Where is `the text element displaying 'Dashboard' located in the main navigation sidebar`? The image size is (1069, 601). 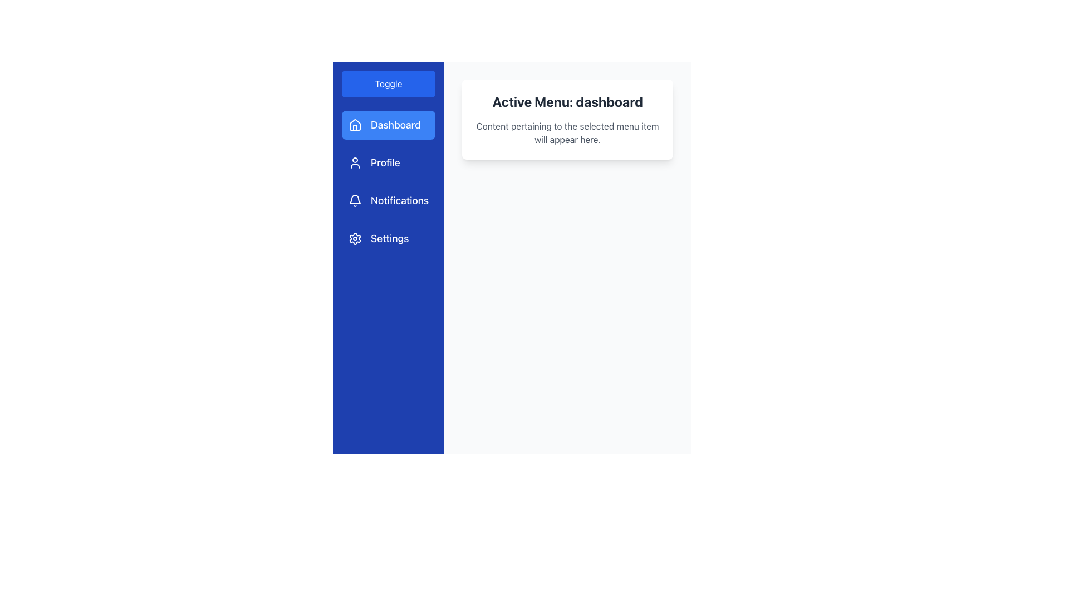
the text element displaying 'Dashboard' located in the main navigation sidebar is located at coordinates (395, 125).